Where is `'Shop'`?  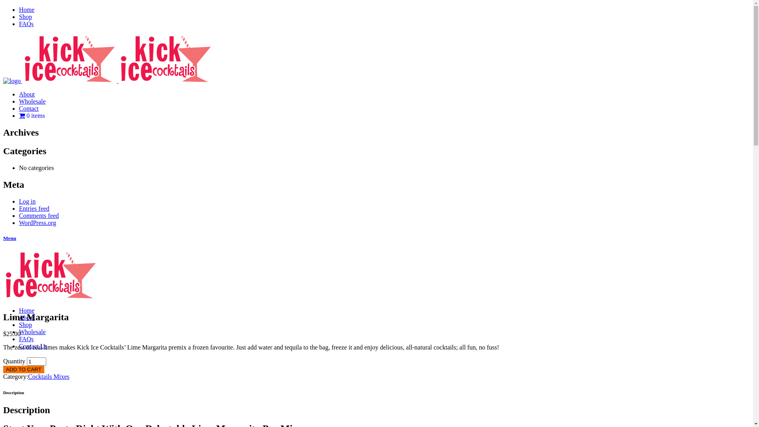 'Shop' is located at coordinates (25, 325).